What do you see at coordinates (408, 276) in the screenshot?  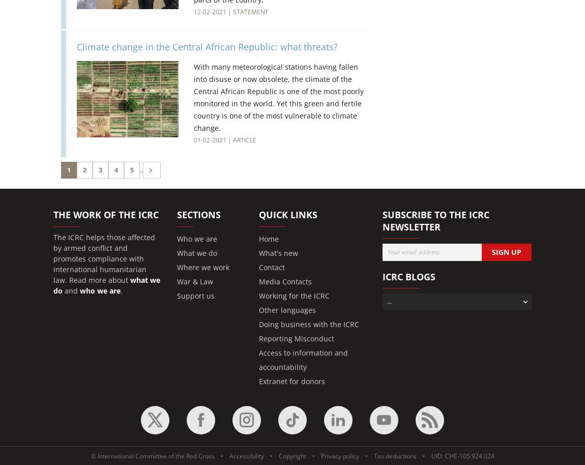 I see `'ICRC Blogs'` at bounding box center [408, 276].